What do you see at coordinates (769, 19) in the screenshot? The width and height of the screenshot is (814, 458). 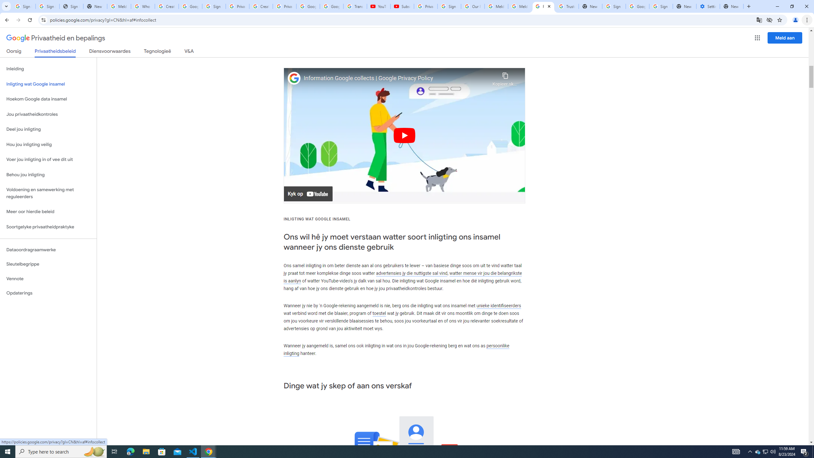 I see `'Third-party cookies blocked'` at bounding box center [769, 19].